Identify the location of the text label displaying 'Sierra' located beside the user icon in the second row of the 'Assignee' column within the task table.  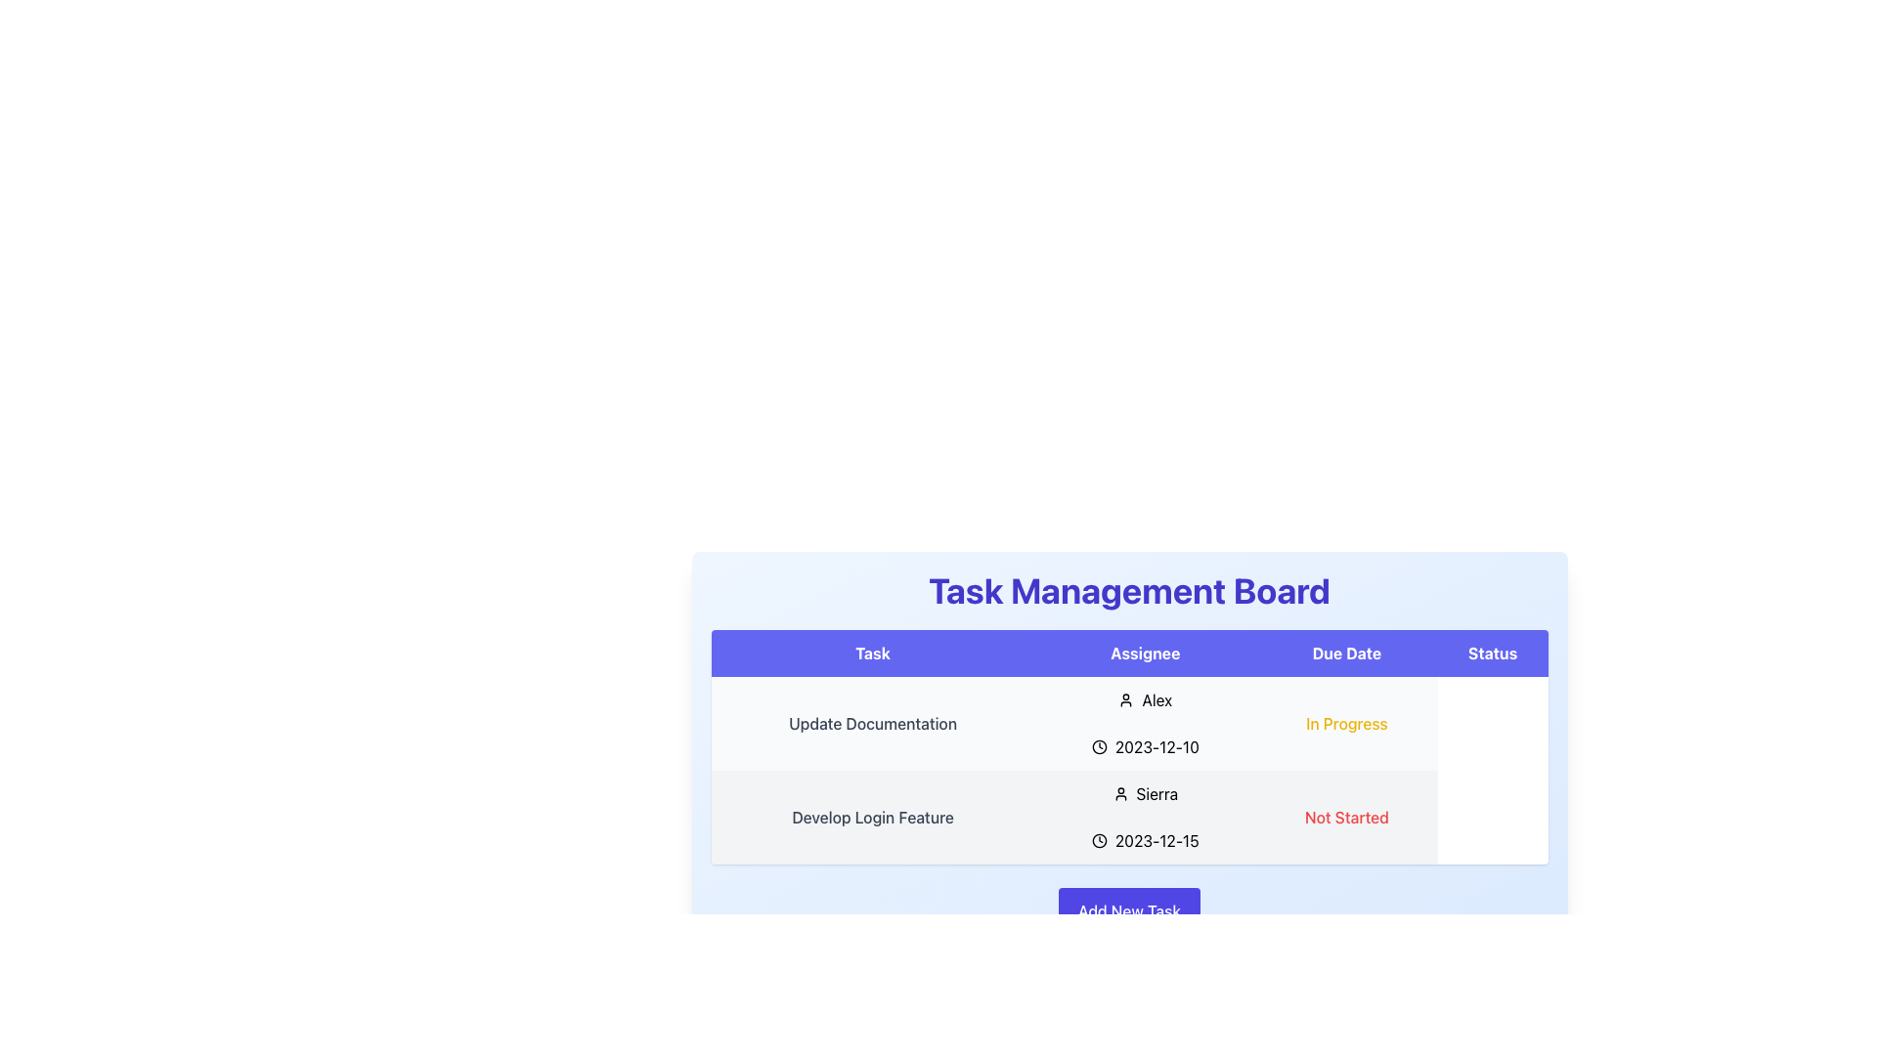
(1157, 794).